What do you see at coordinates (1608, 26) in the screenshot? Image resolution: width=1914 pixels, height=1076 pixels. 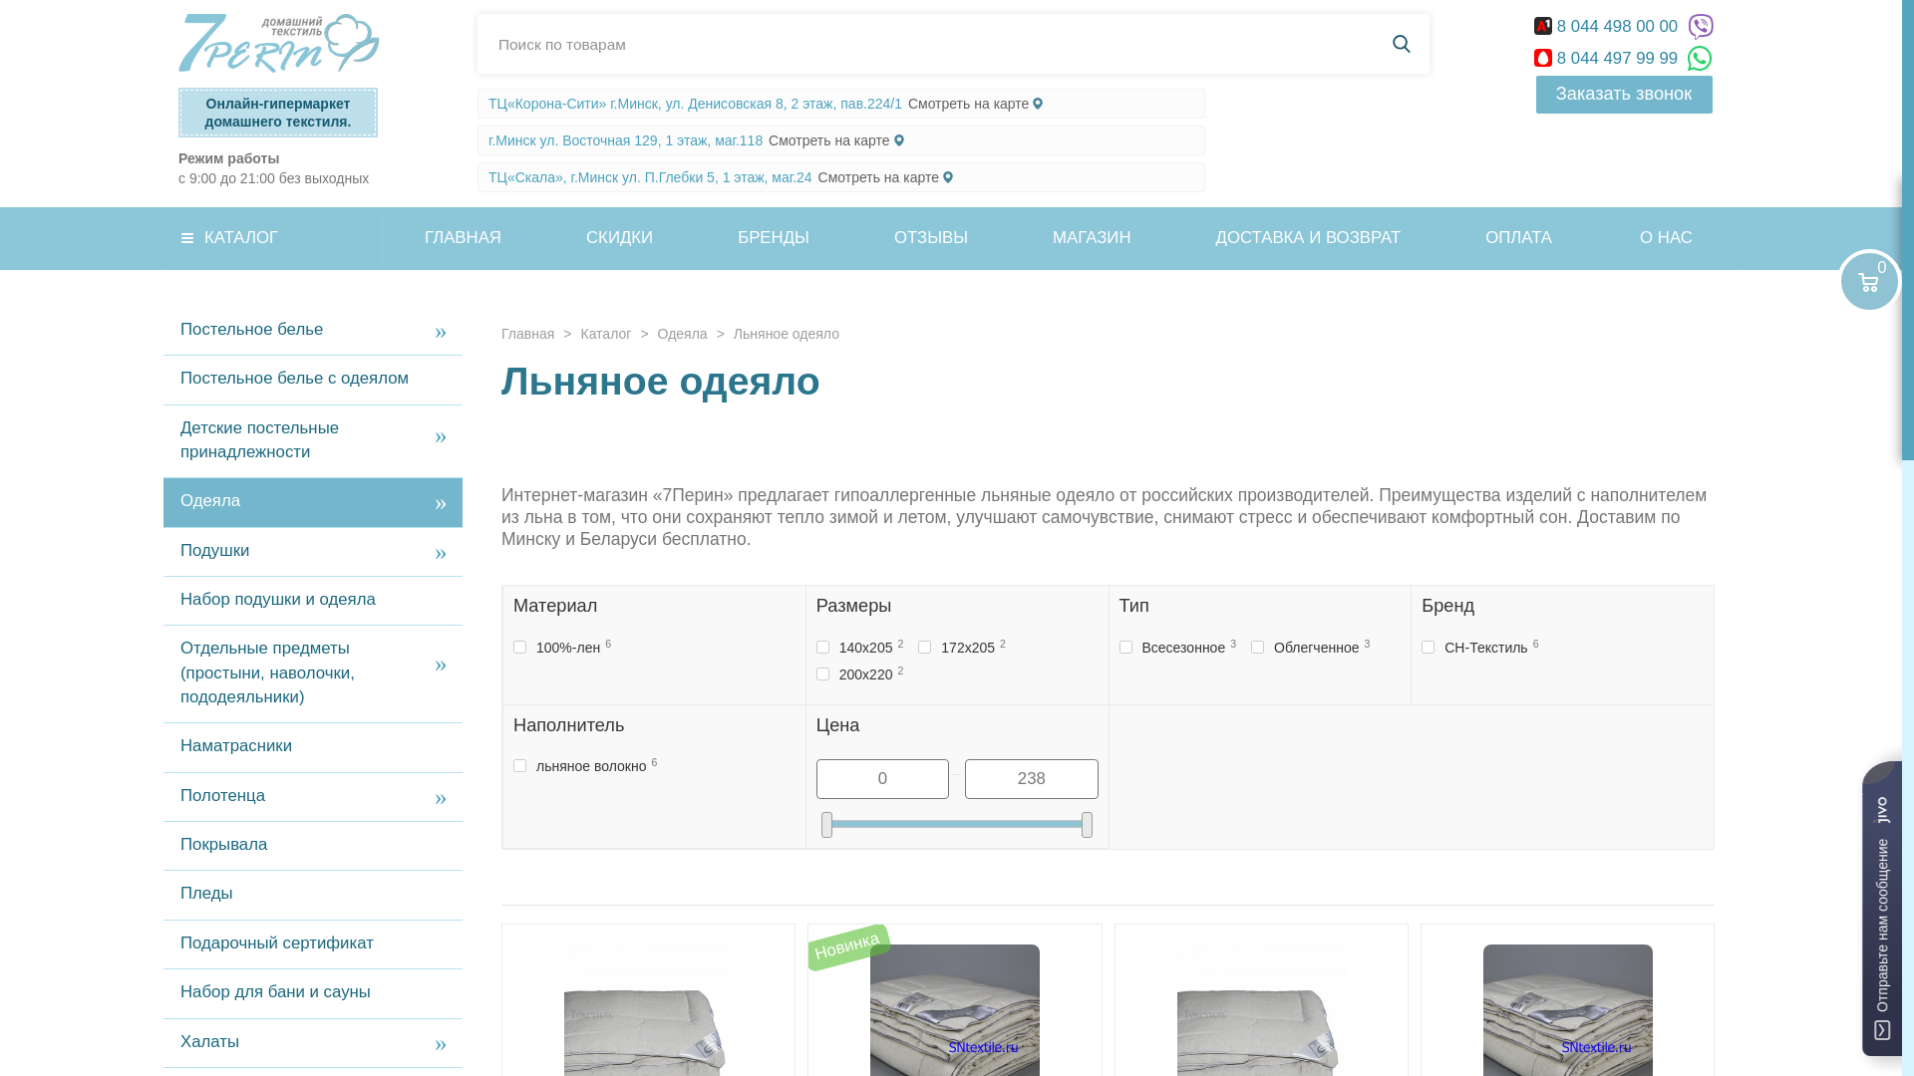 I see `'8 044 498 00 00'` at bounding box center [1608, 26].